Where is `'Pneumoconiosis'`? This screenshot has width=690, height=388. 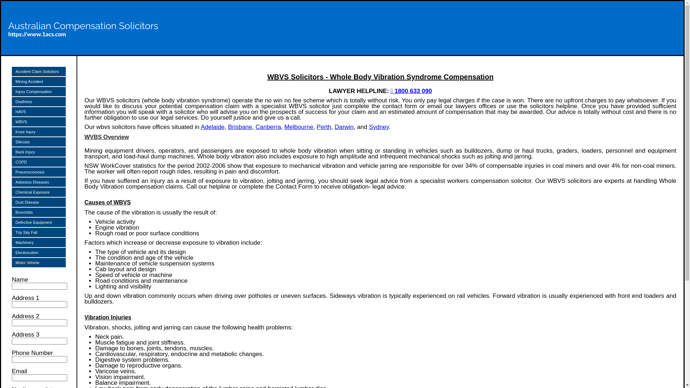
'Pneumoconiosis' is located at coordinates (38, 172).